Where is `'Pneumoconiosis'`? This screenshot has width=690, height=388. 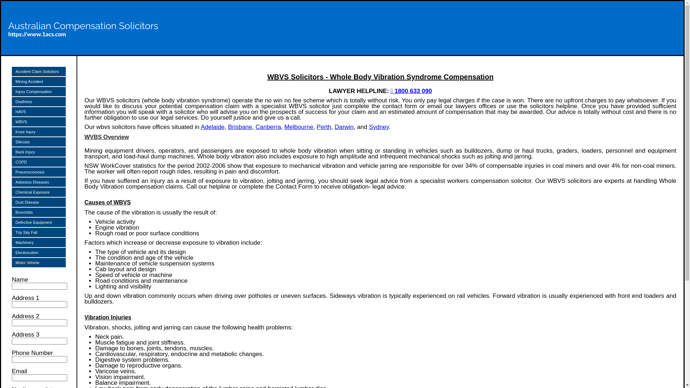
'Pneumoconiosis' is located at coordinates (38, 172).